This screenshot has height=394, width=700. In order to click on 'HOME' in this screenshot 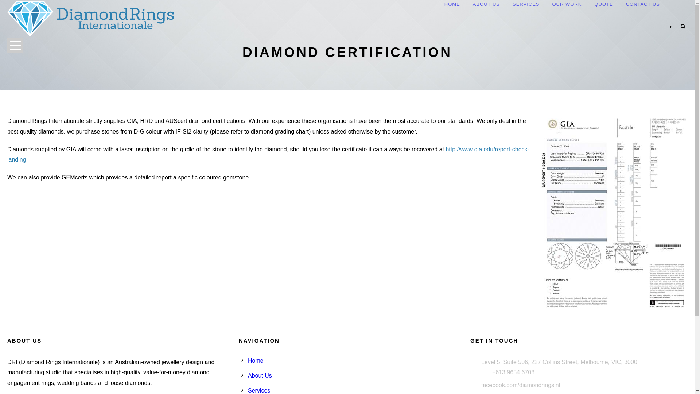, I will do `click(452, 5)`.